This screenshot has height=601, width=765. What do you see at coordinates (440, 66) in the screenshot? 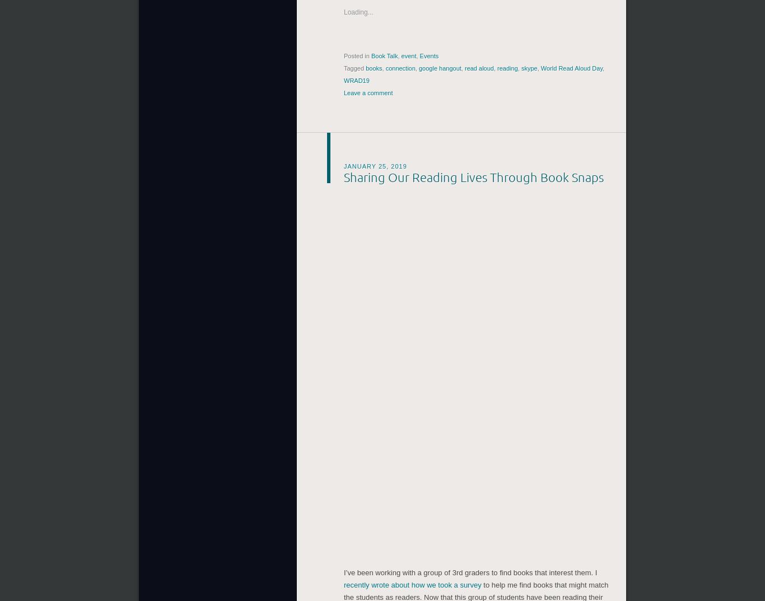
I see `'google hangout'` at bounding box center [440, 66].